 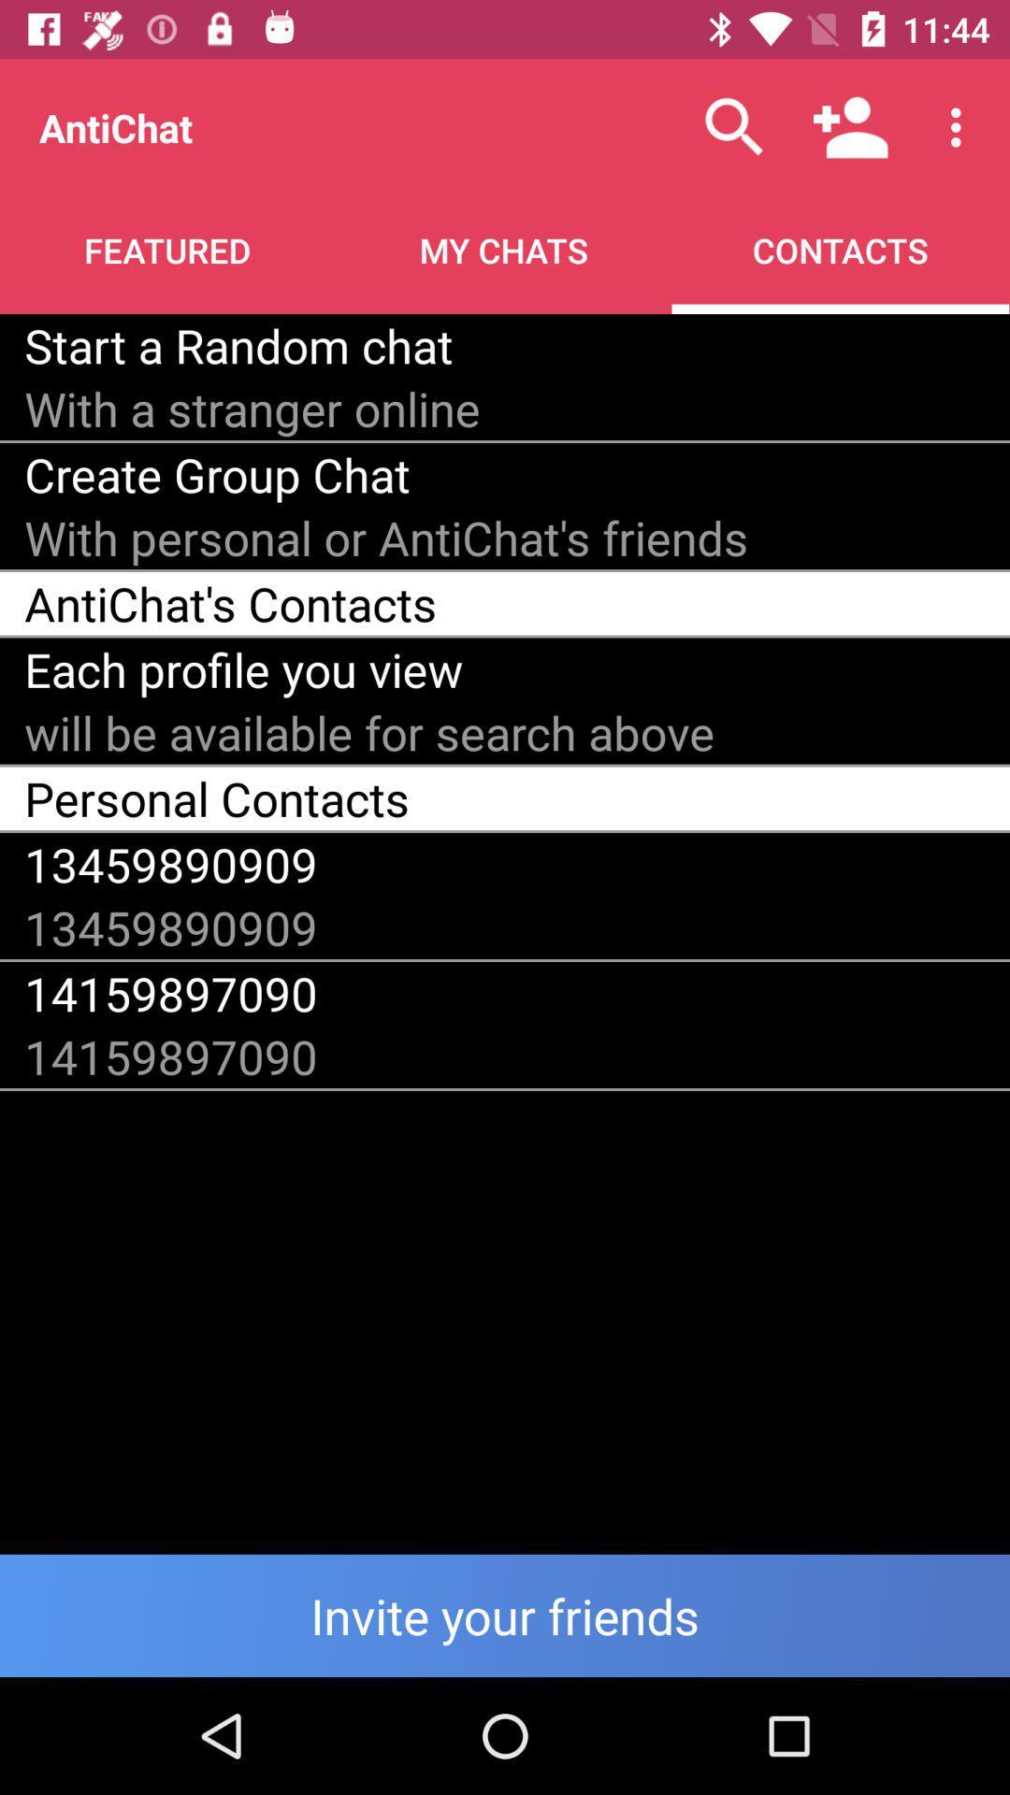 I want to click on start a random icon, so click(x=238, y=345).